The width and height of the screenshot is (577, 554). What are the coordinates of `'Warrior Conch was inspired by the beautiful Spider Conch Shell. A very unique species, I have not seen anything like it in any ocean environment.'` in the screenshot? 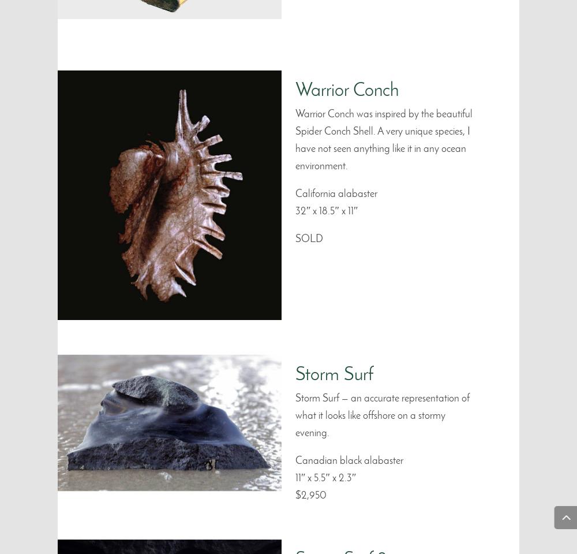 It's located at (295, 140).